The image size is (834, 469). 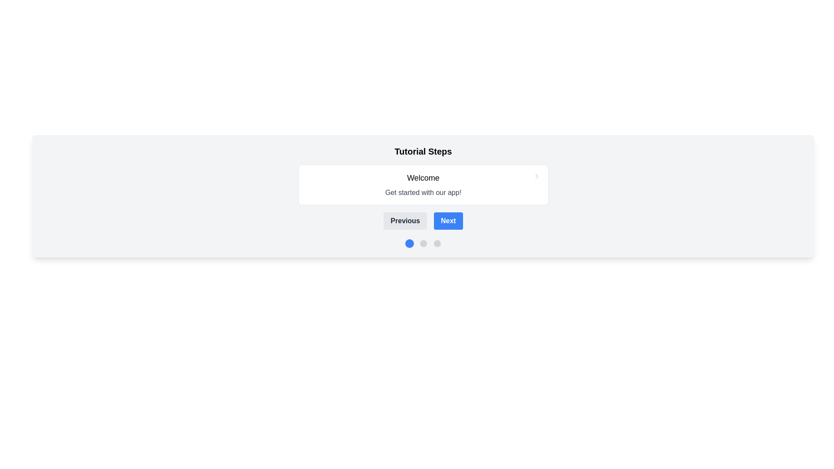 I want to click on the second circle button under 'Tutorial Steps', so click(x=423, y=243).